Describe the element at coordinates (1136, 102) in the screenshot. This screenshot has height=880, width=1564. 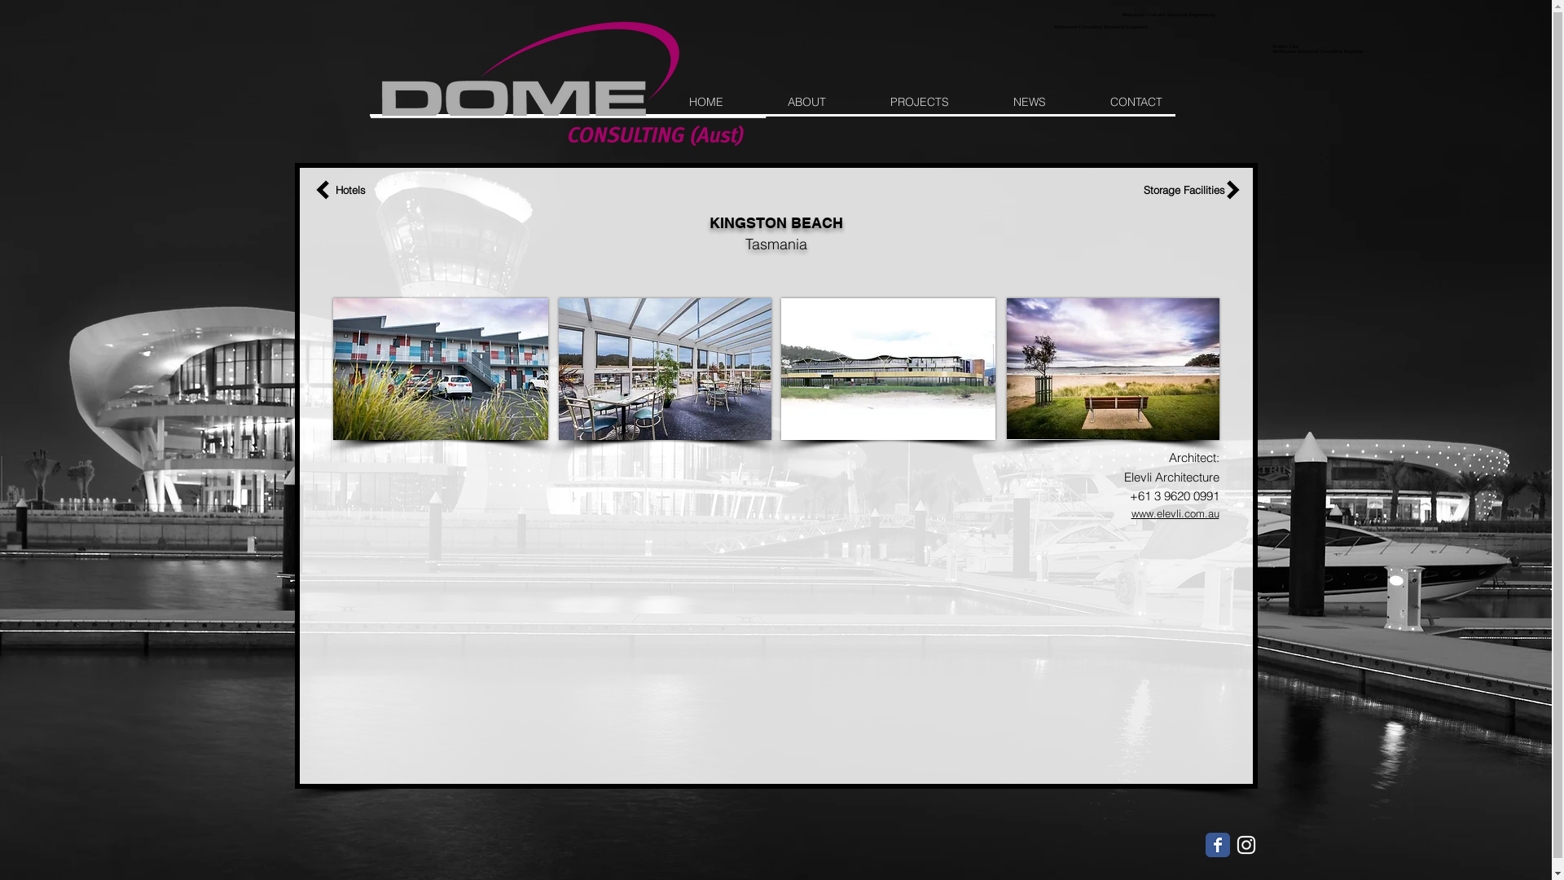
I see `'CONTACT'` at that location.